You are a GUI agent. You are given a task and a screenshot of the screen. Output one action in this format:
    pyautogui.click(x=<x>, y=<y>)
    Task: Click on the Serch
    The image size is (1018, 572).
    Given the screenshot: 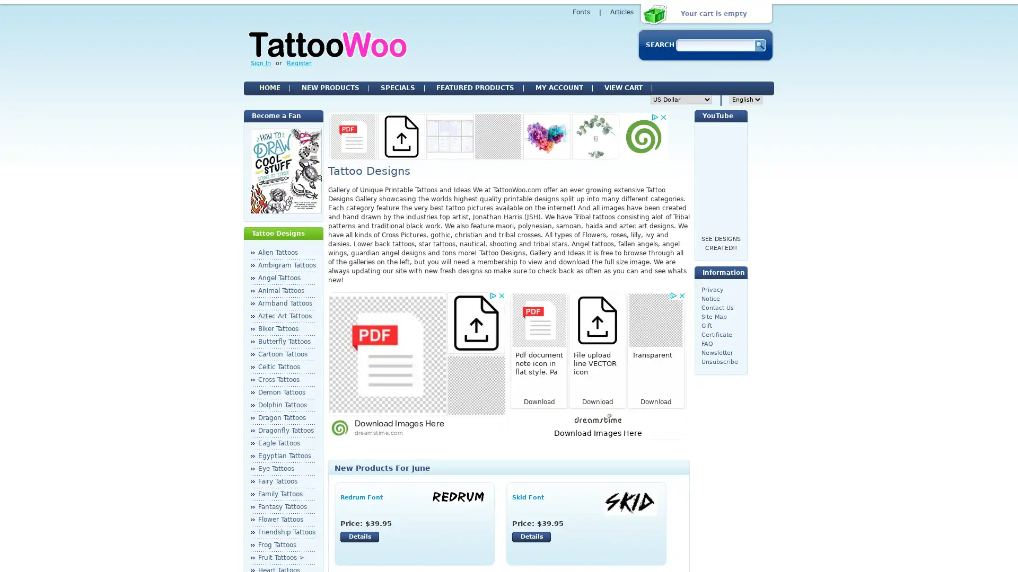 What is the action you would take?
    pyautogui.click(x=759, y=44)
    